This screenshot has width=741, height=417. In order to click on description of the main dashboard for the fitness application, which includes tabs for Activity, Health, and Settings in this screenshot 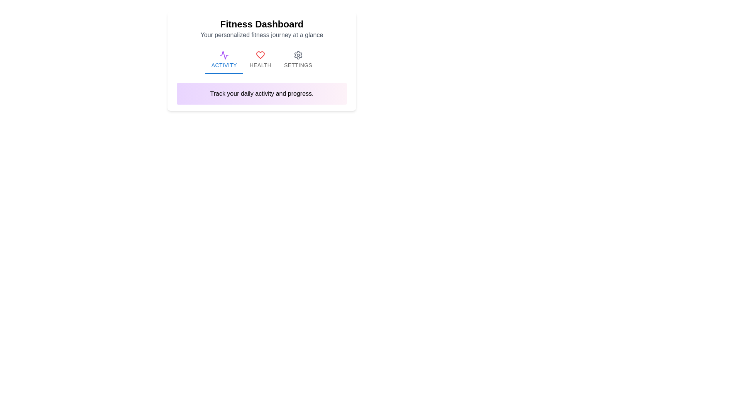, I will do `click(262, 61)`.